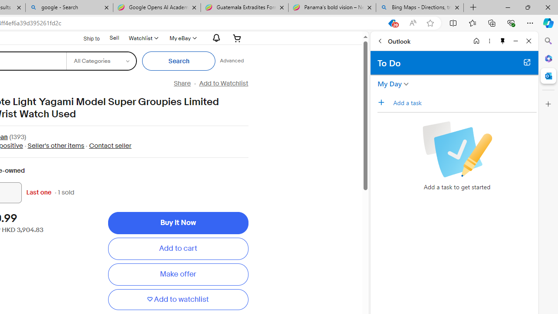 Image resolution: width=558 pixels, height=314 pixels. What do you see at coordinates (177, 274) in the screenshot?
I see `'Make offer'` at bounding box center [177, 274].